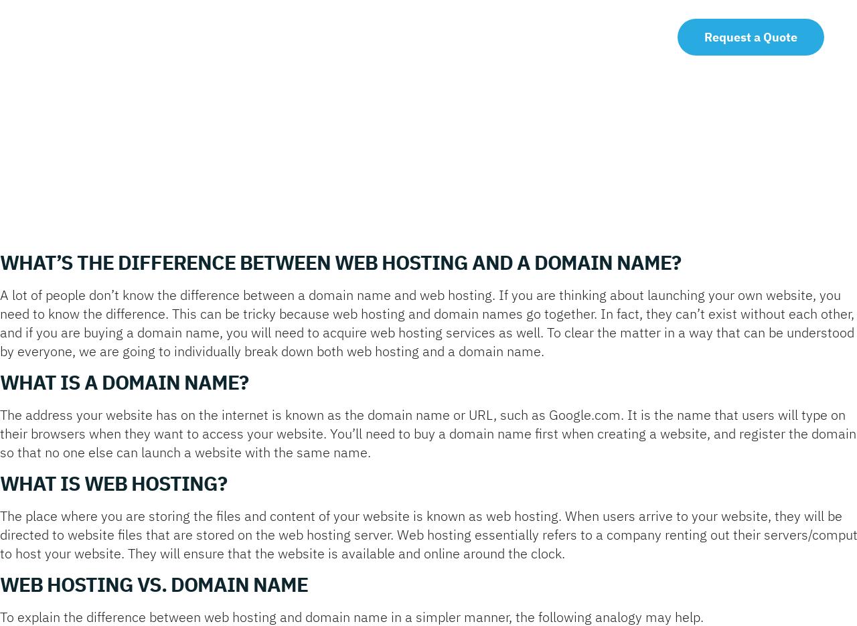 This screenshot has width=857, height=626. What do you see at coordinates (345, 166) in the screenshot?
I see `'Graphic Design'` at bounding box center [345, 166].